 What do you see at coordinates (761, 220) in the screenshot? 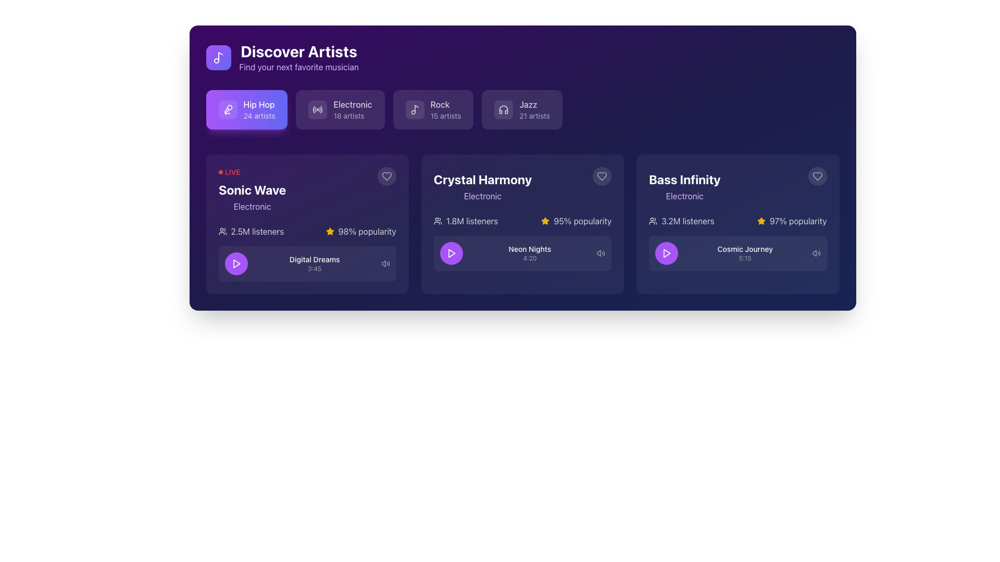
I see `the yellow star-shaped icon located in the bottom-right card titled 'Bass Infinity', positioned directly to the left of the '97% popularity' text` at bounding box center [761, 220].